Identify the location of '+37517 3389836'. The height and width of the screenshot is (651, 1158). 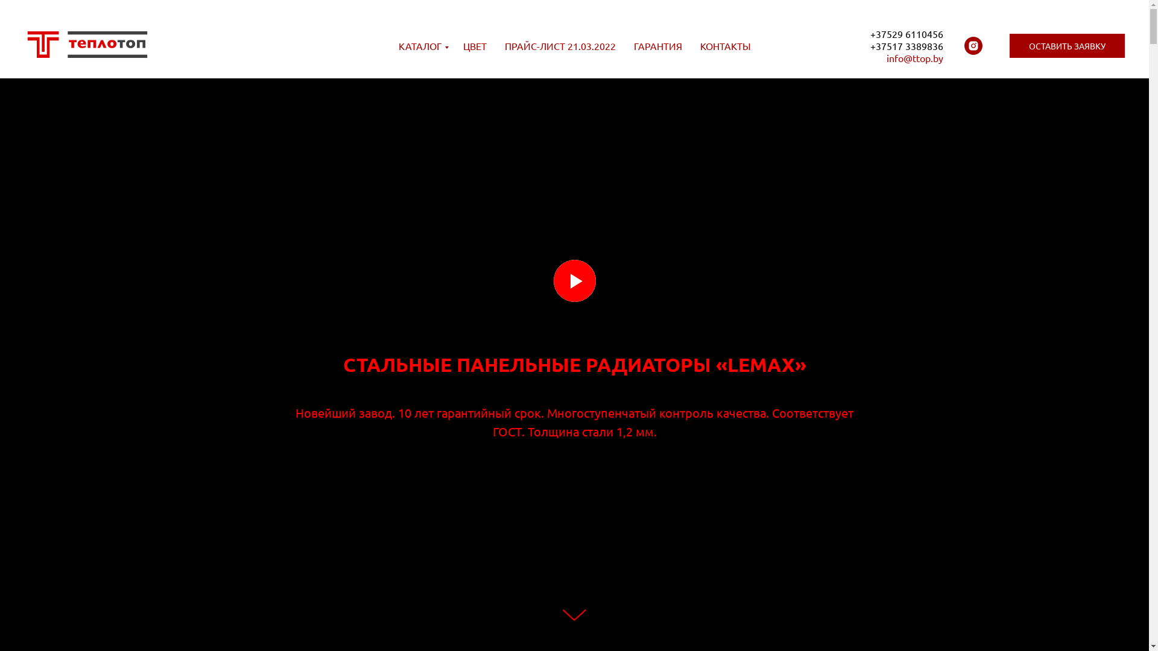
(906, 45).